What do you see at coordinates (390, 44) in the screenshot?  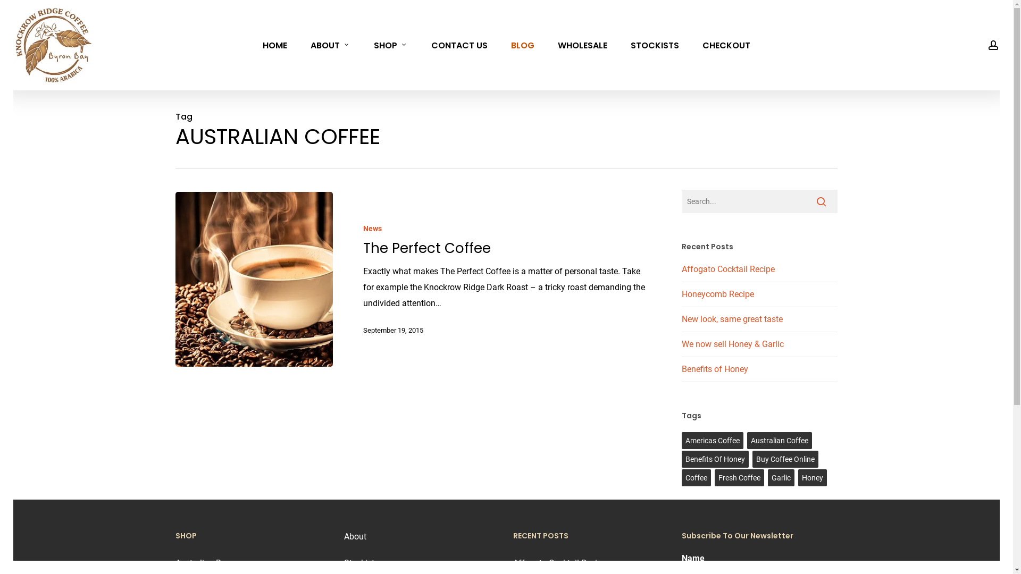 I see `'SHOP'` at bounding box center [390, 44].